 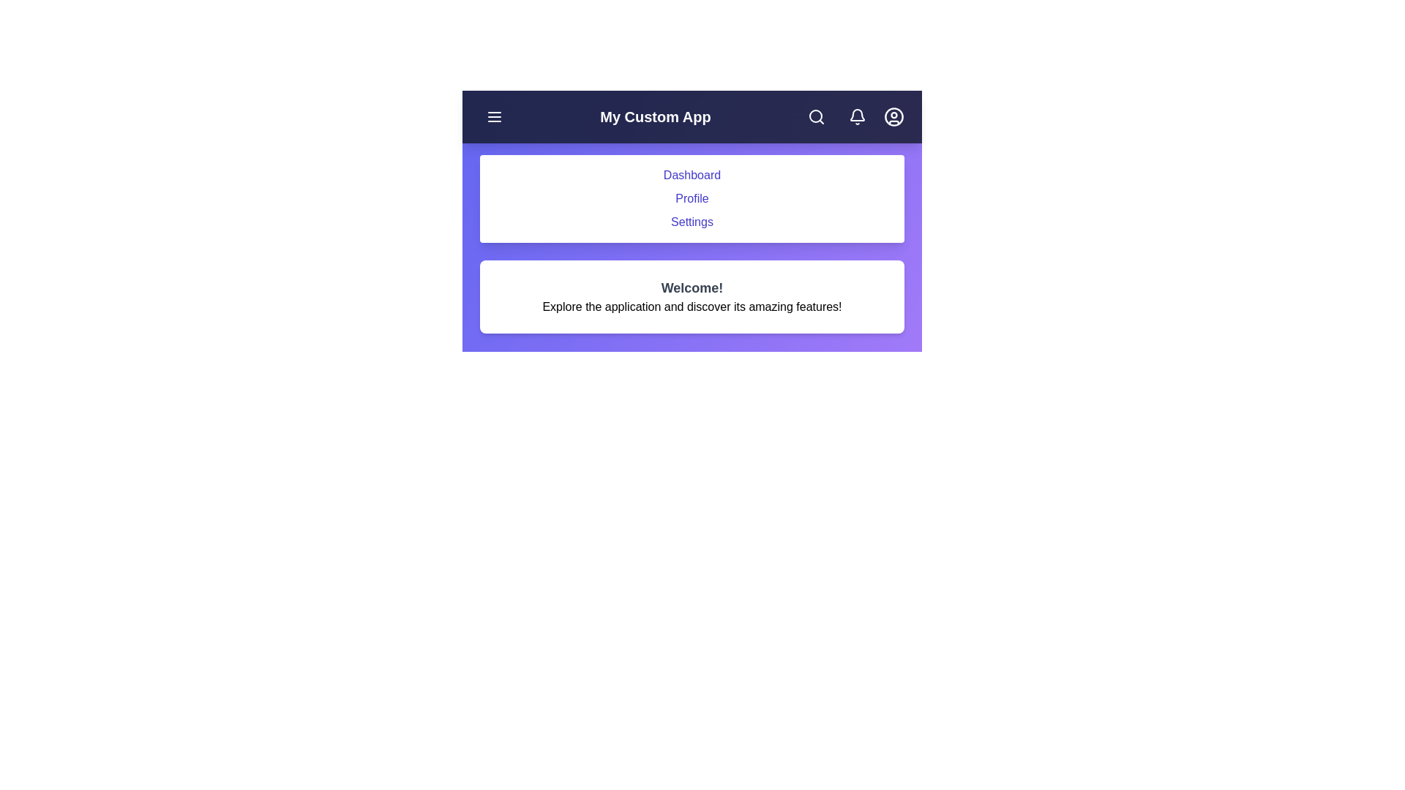 I want to click on the user icon to view user profile information, so click(x=893, y=116).